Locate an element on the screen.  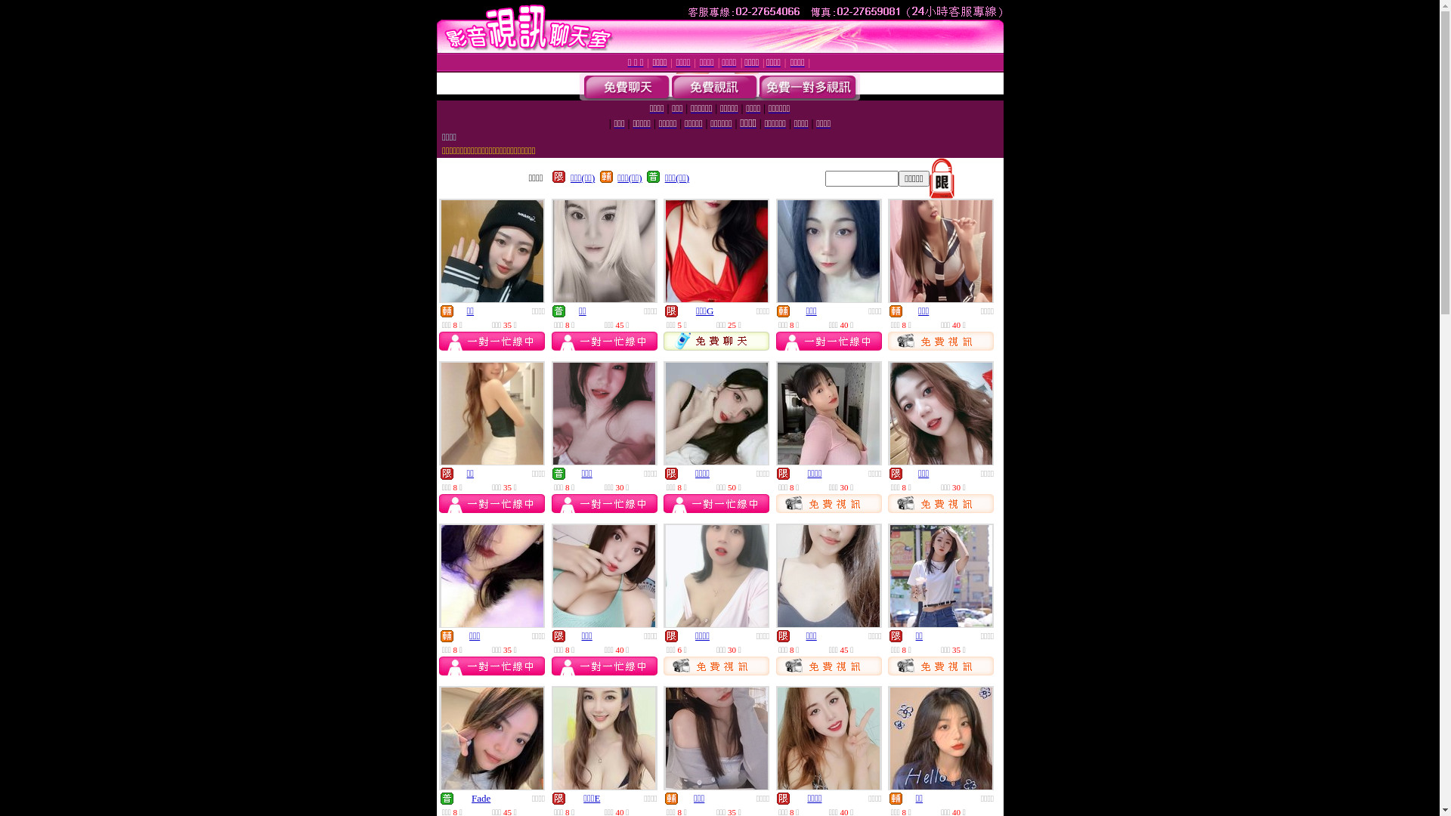
'Fade' is located at coordinates (471, 797).